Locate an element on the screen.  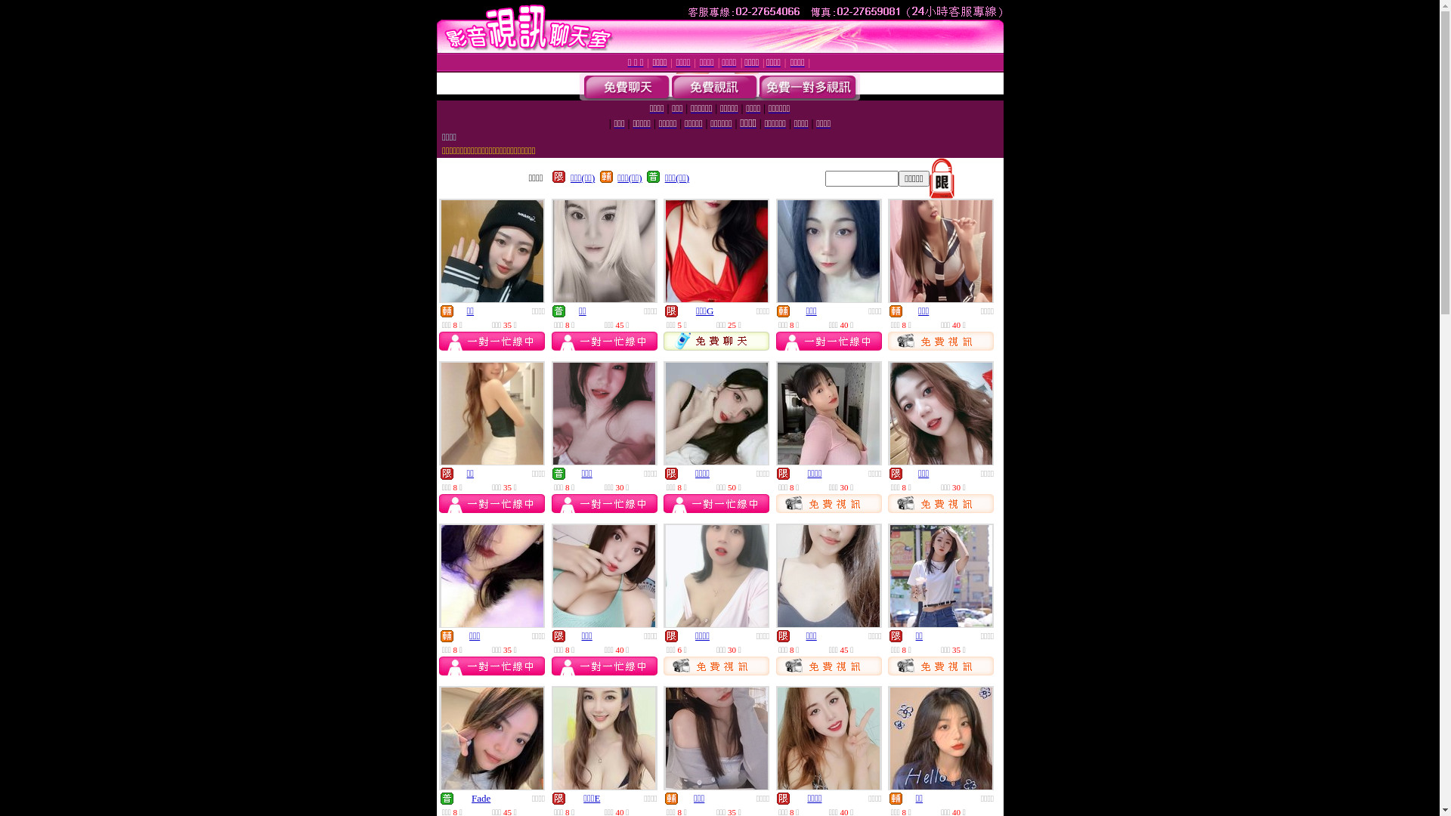
'Fade' is located at coordinates (471, 797).